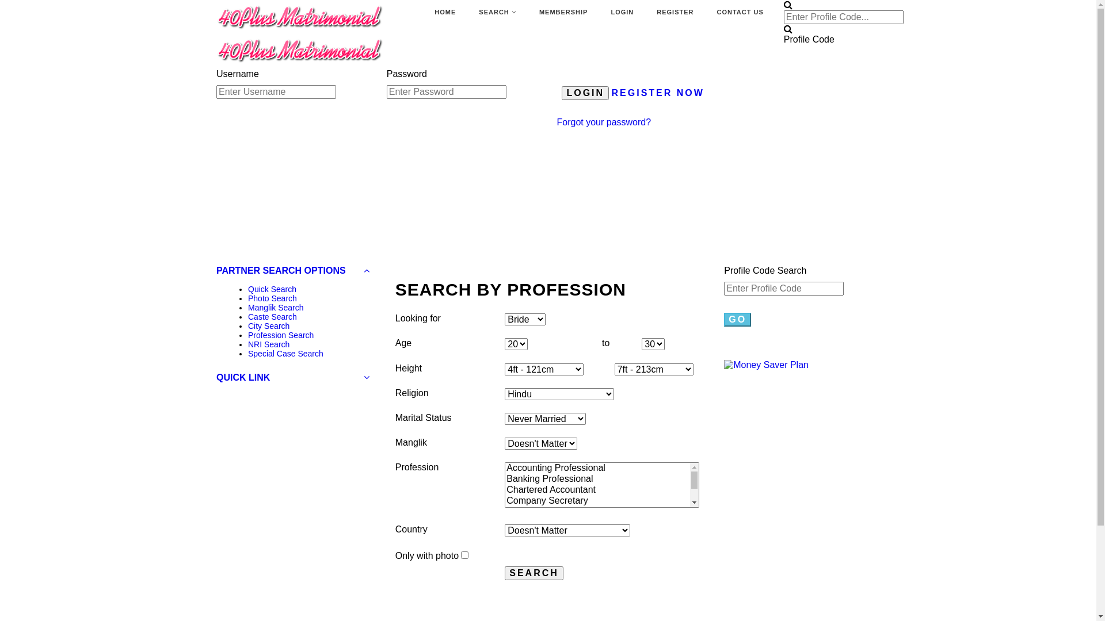 This screenshot has height=621, width=1105. Describe the element at coordinates (657, 13) in the screenshot. I see `'REGISTER'` at that location.